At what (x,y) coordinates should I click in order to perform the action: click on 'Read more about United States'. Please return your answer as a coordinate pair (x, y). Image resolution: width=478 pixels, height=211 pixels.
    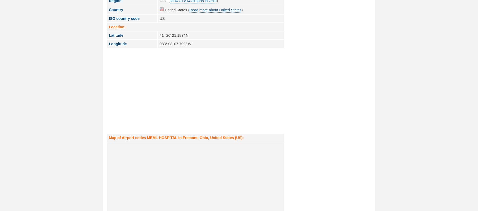
    Looking at the image, I should click on (215, 10).